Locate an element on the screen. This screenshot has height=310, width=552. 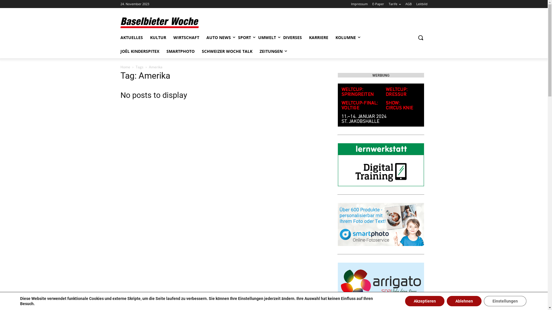
'E-Paper' is located at coordinates (372, 4).